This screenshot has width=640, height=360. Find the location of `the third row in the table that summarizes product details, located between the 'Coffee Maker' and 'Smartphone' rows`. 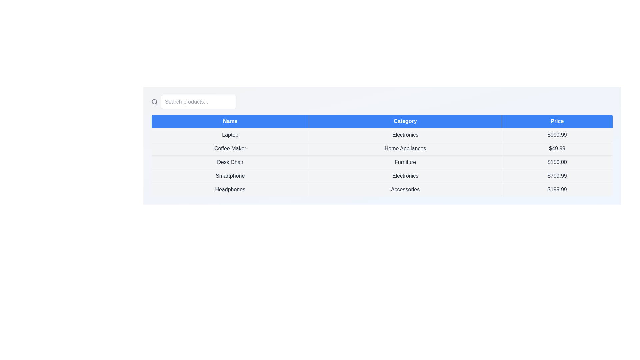

the third row in the table that summarizes product details, located between the 'Coffee Maker' and 'Smartphone' rows is located at coordinates (382, 162).